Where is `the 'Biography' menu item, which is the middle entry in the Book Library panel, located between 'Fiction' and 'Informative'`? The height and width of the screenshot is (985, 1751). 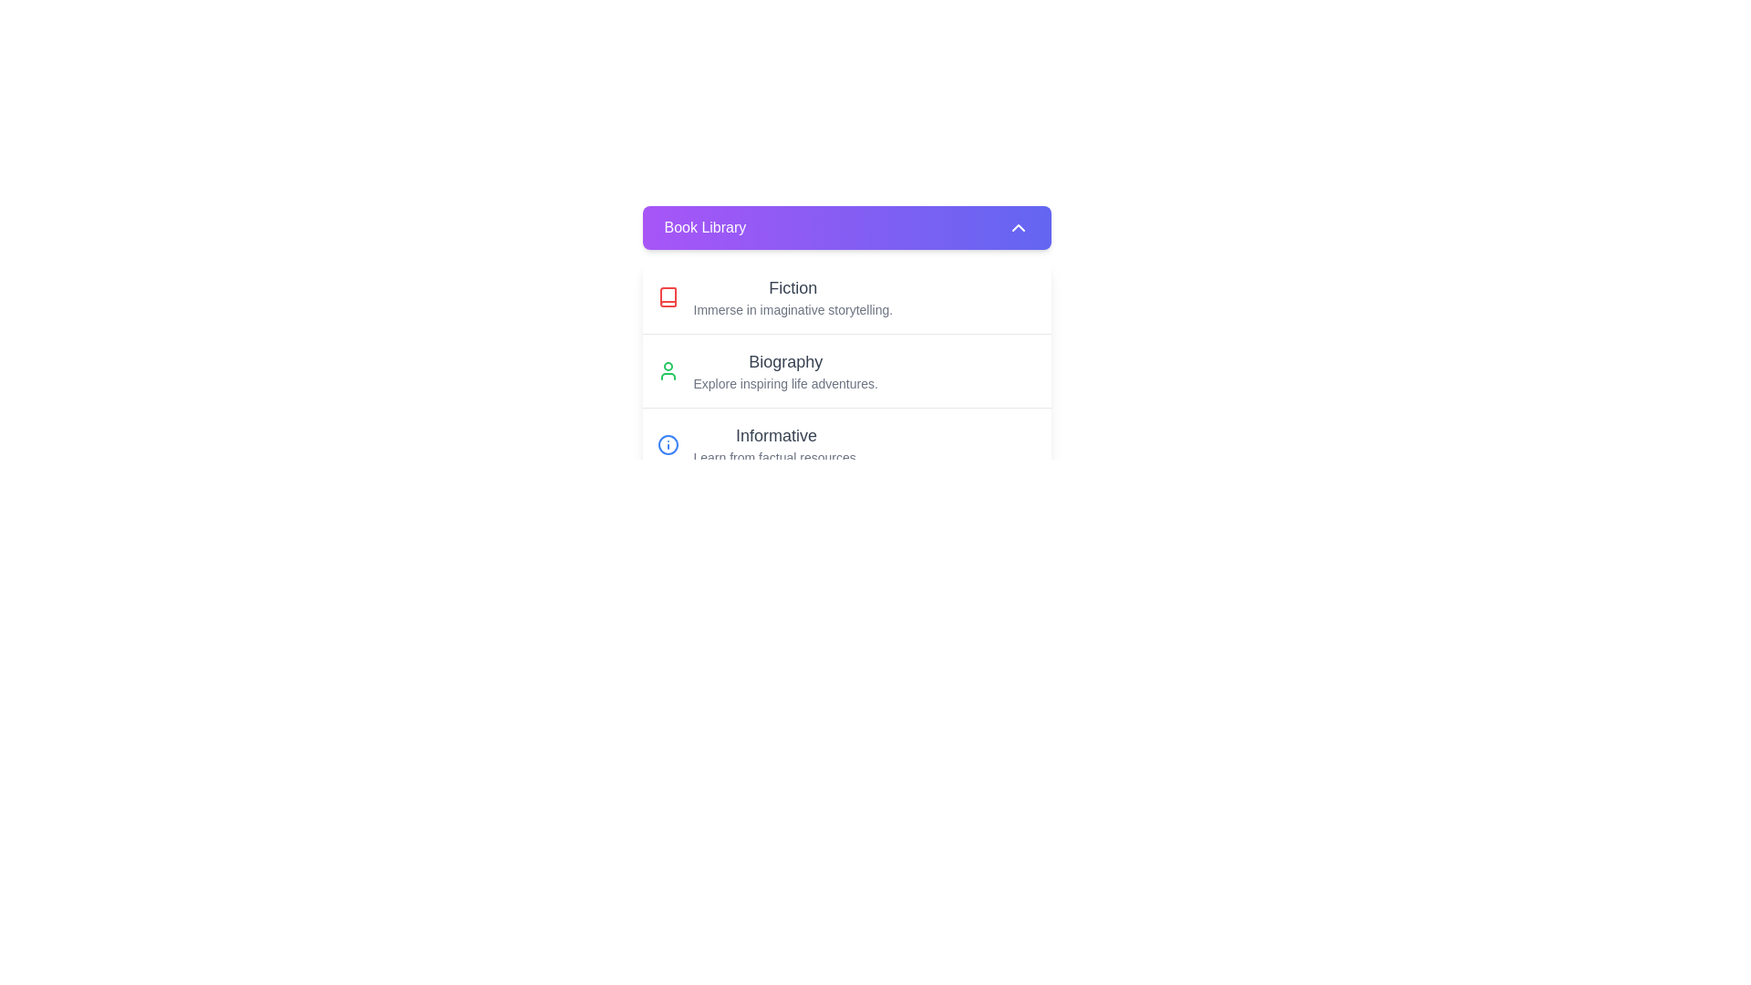 the 'Biography' menu item, which is the middle entry in the Book Library panel, located between 'Fiction' and 'Informative' is located at coordinates (845, 369).